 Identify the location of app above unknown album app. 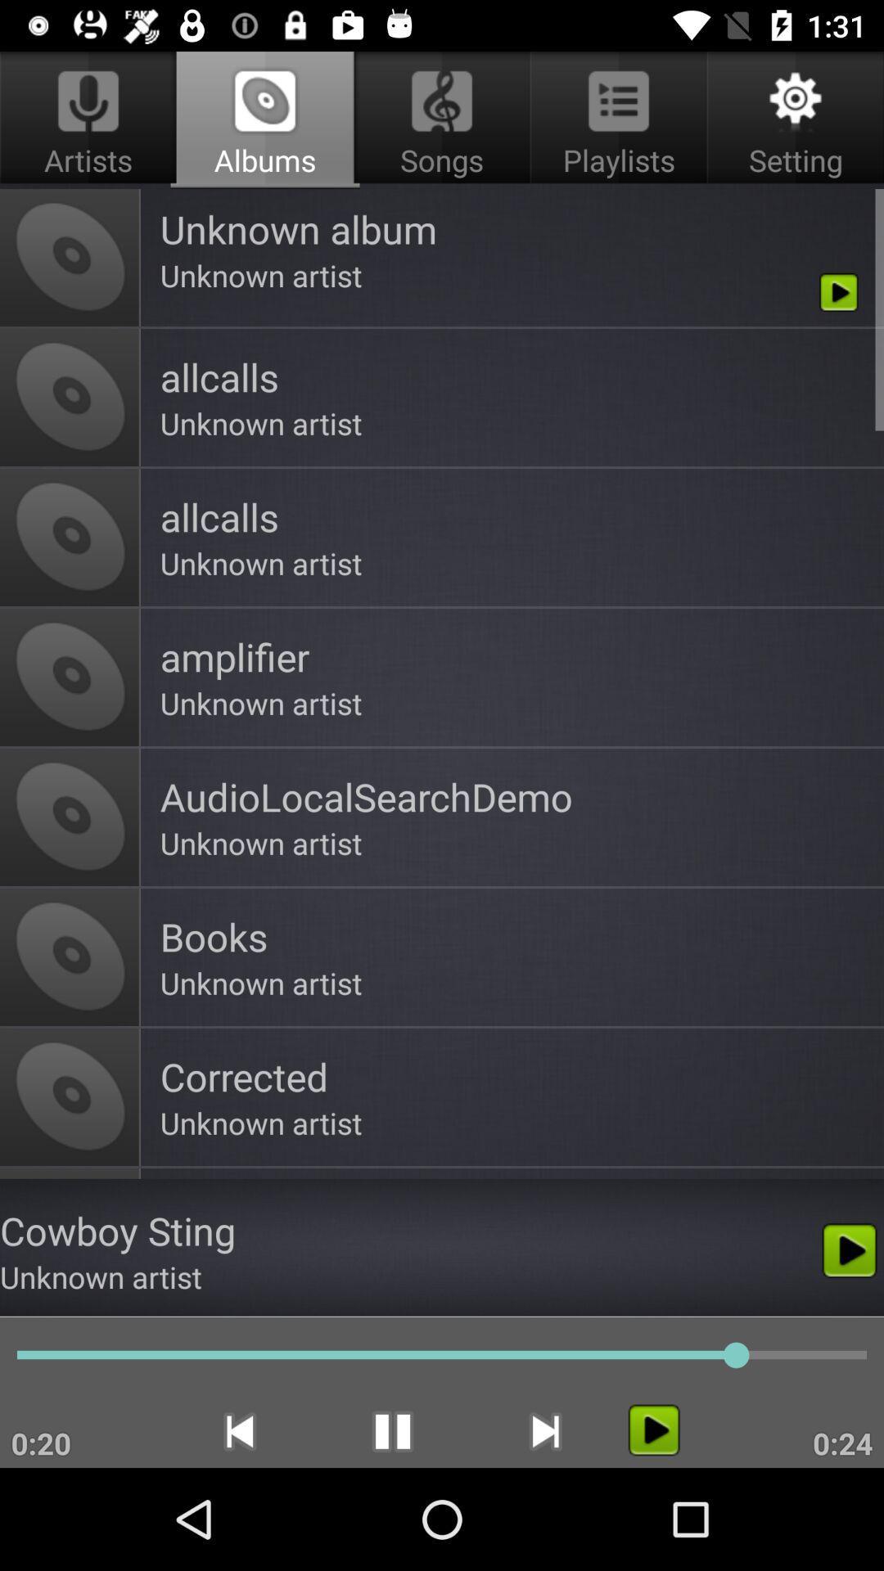
(442, 119).